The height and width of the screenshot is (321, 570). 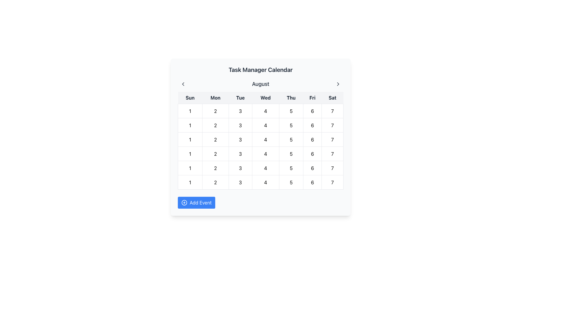 I want to click on the grid row item in the fourth row of the calendar that displays individual numbers from 1 to 7, so click(x=261, y=168).